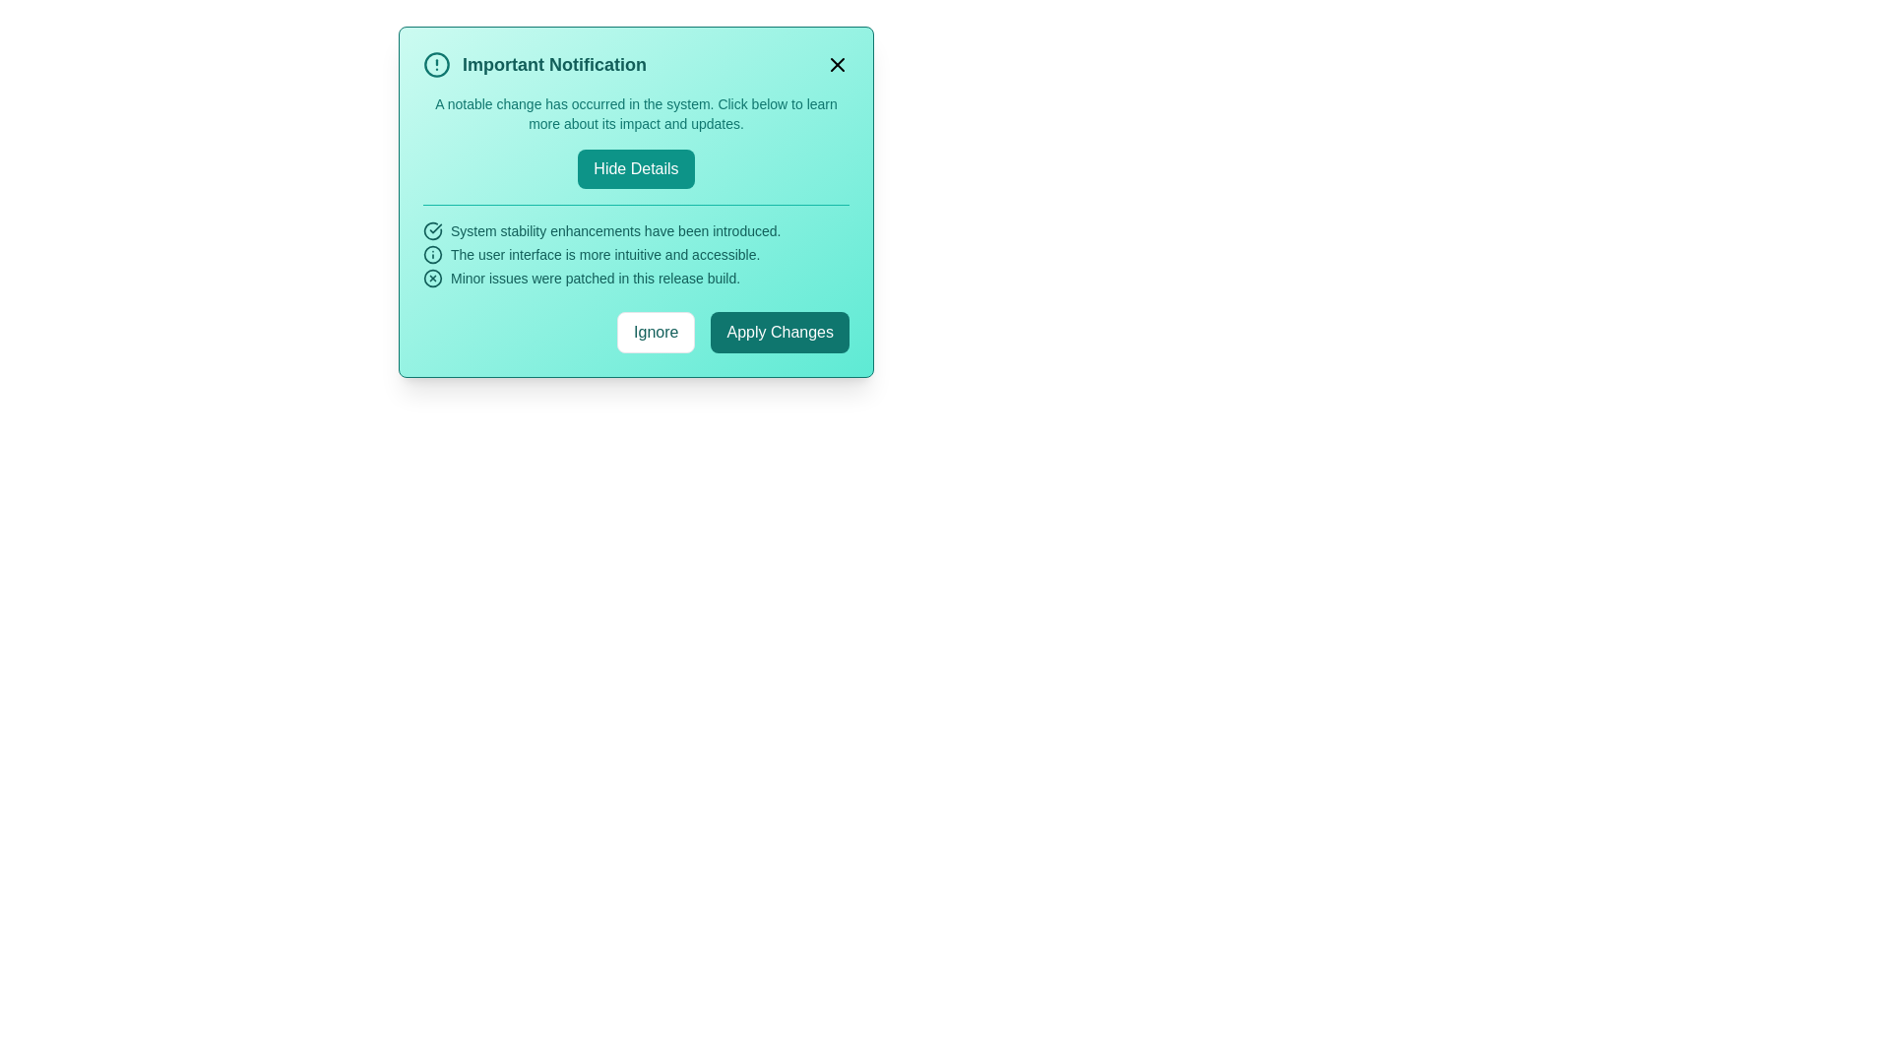  Describe the element at coordinates (432, 253) in the screenshot. I see `the circular icon with a thin outline enclosing an exclamation mark, located to the left of the text describing user interface features` at that location.